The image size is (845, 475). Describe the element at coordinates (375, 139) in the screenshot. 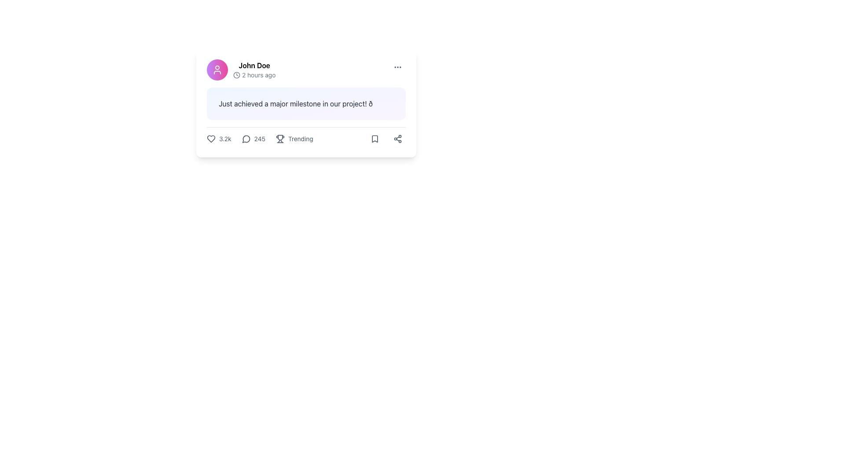

I see `the bookmark icon located in the interaction bar below the main post content to bookmark the post` at that location.